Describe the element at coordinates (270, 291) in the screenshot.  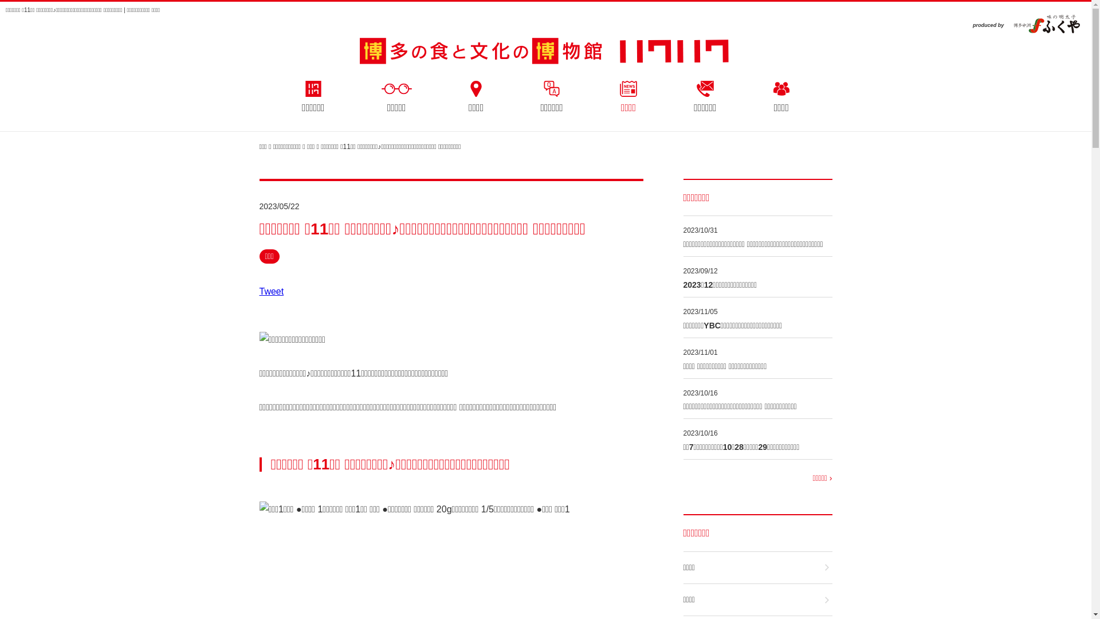
I see `'Tweet'` at that location.